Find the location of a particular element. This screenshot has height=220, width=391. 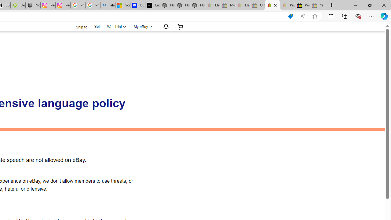

'Notifications' is located at coordinates (164, 26).